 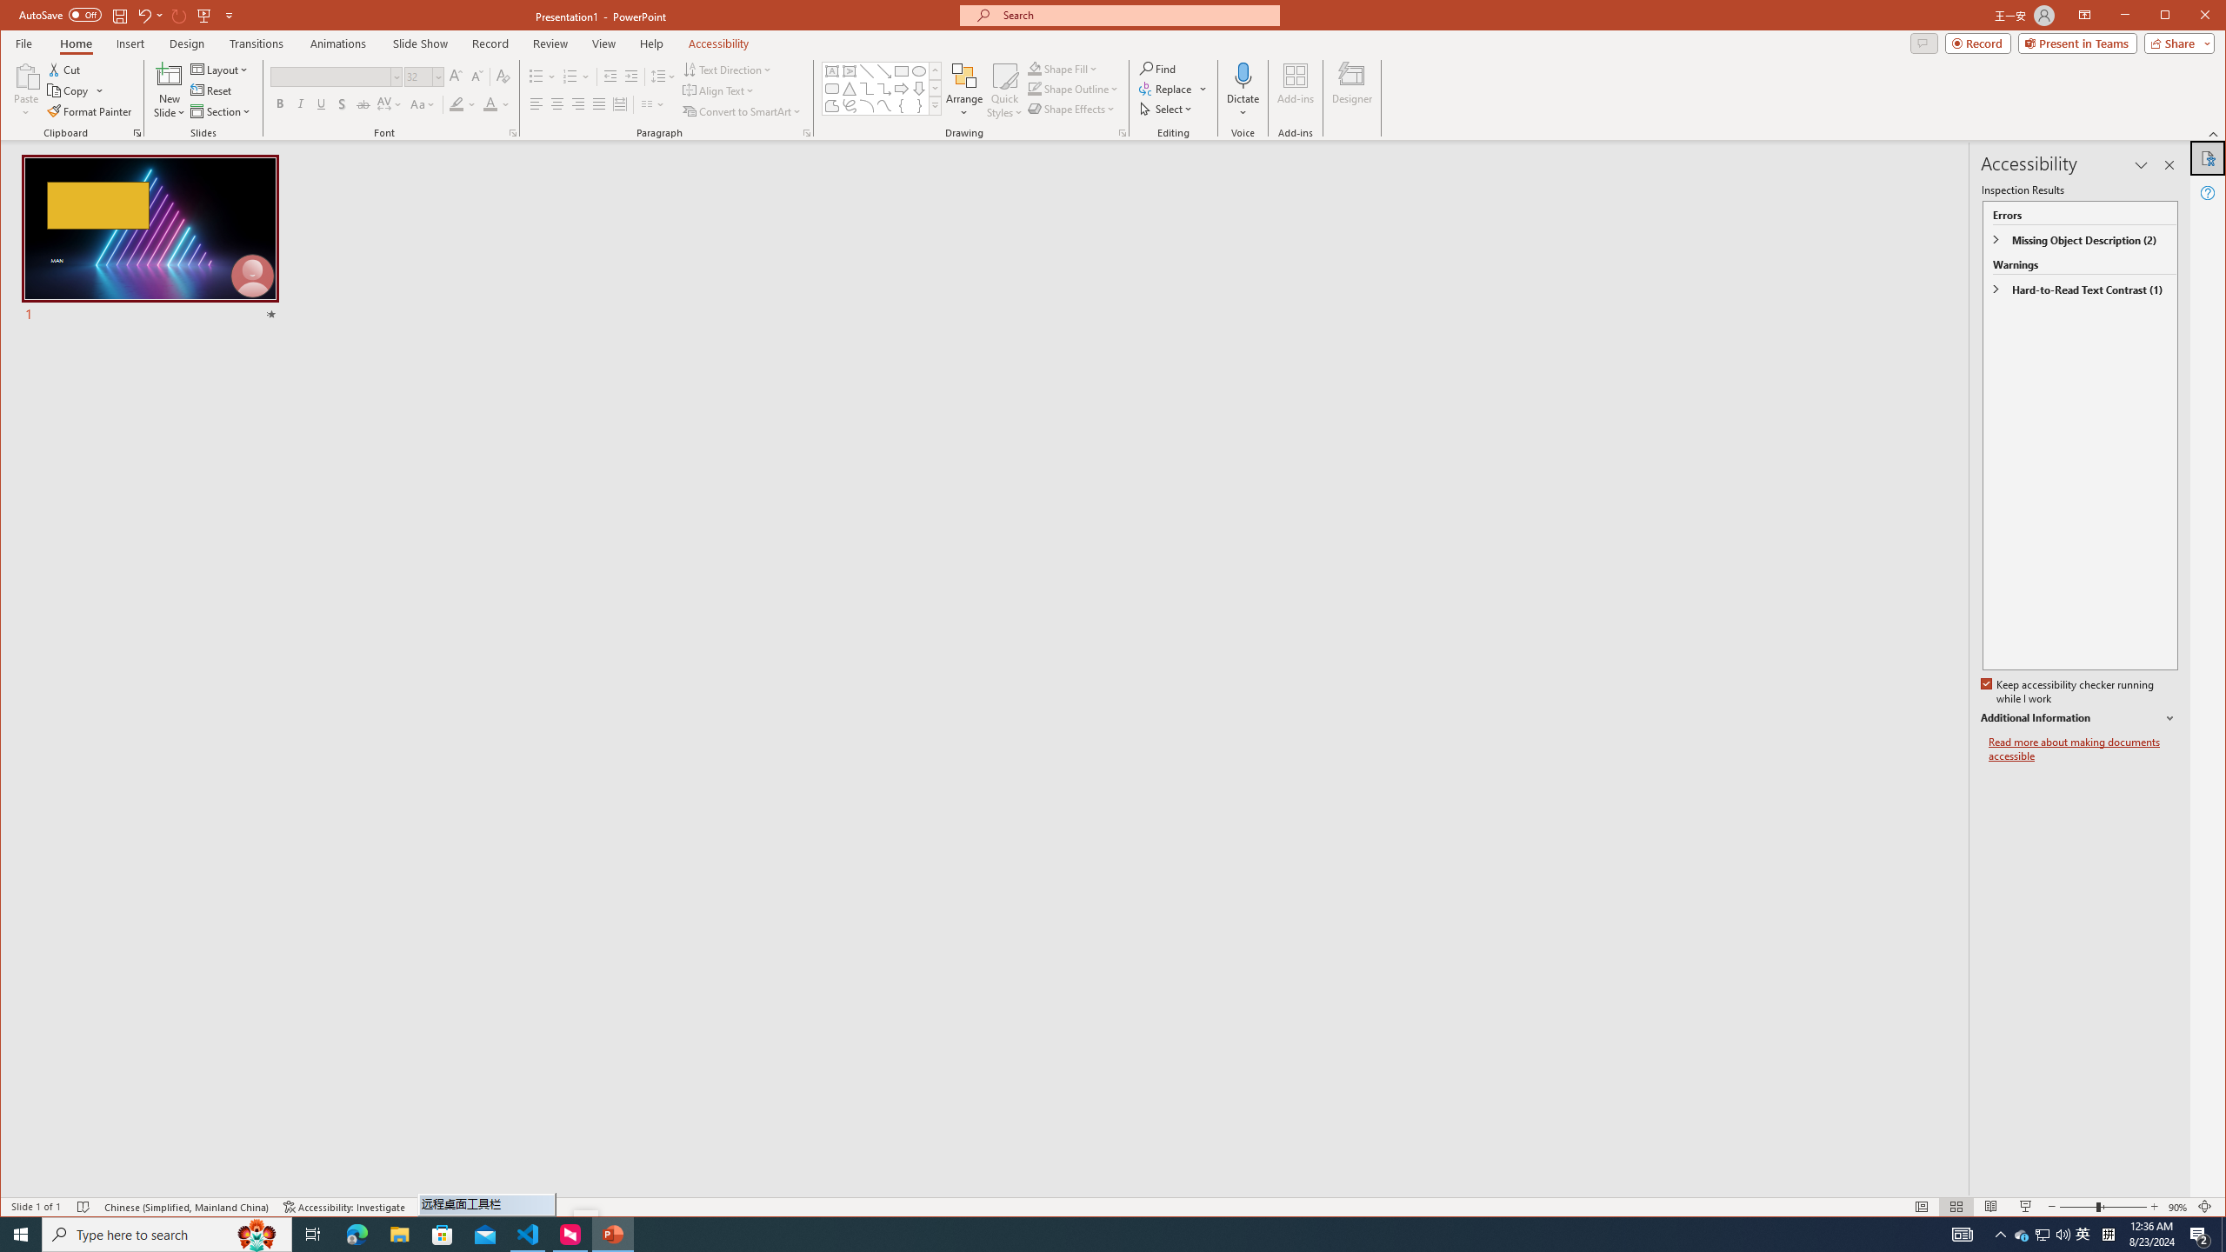 I want to click on 'Bullets', so click(x=535, y=76).